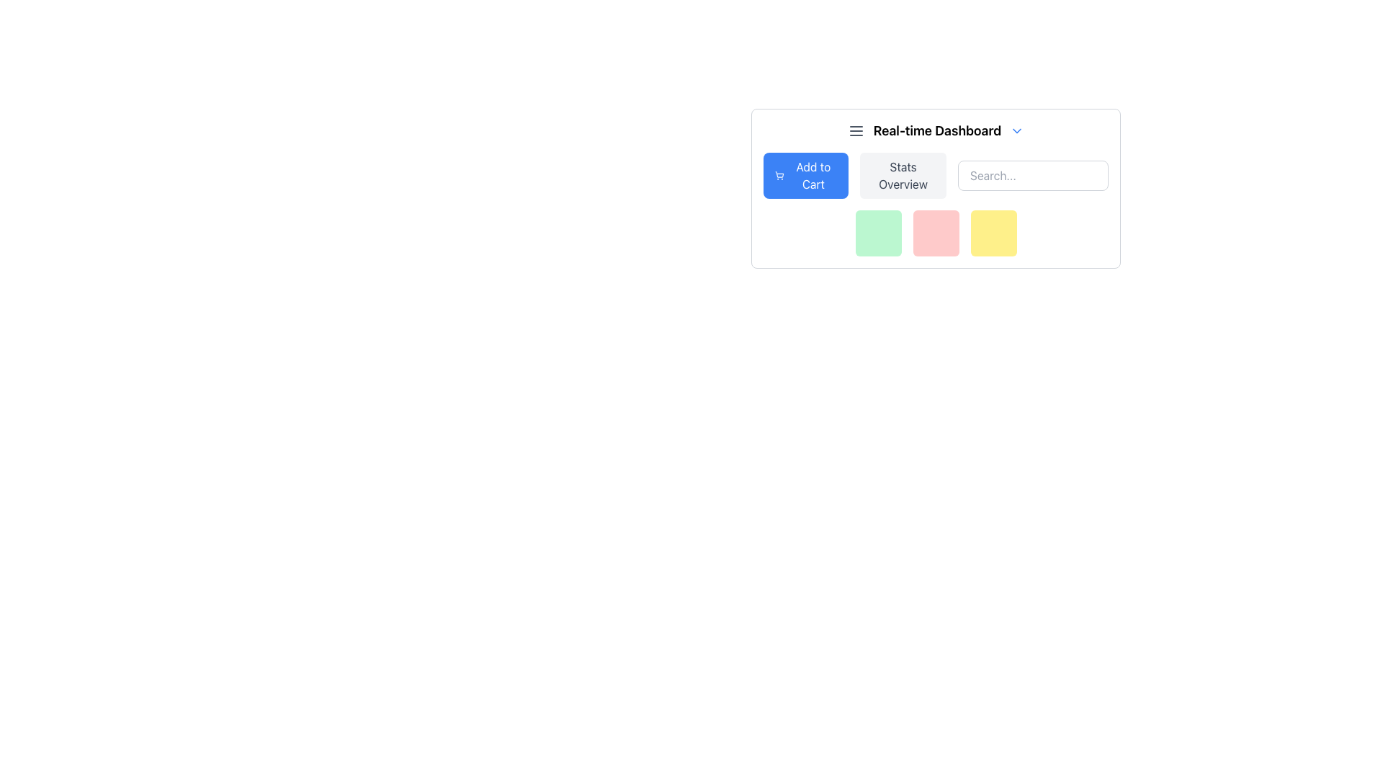  What do you see at coordinates (779, 174) in the screenshot?
I see `the shopping cart icon within the 'Add to Cart' button located on the left side of the panel labeled 'Real-time Dashboard'` at bounding box center [779, 174].